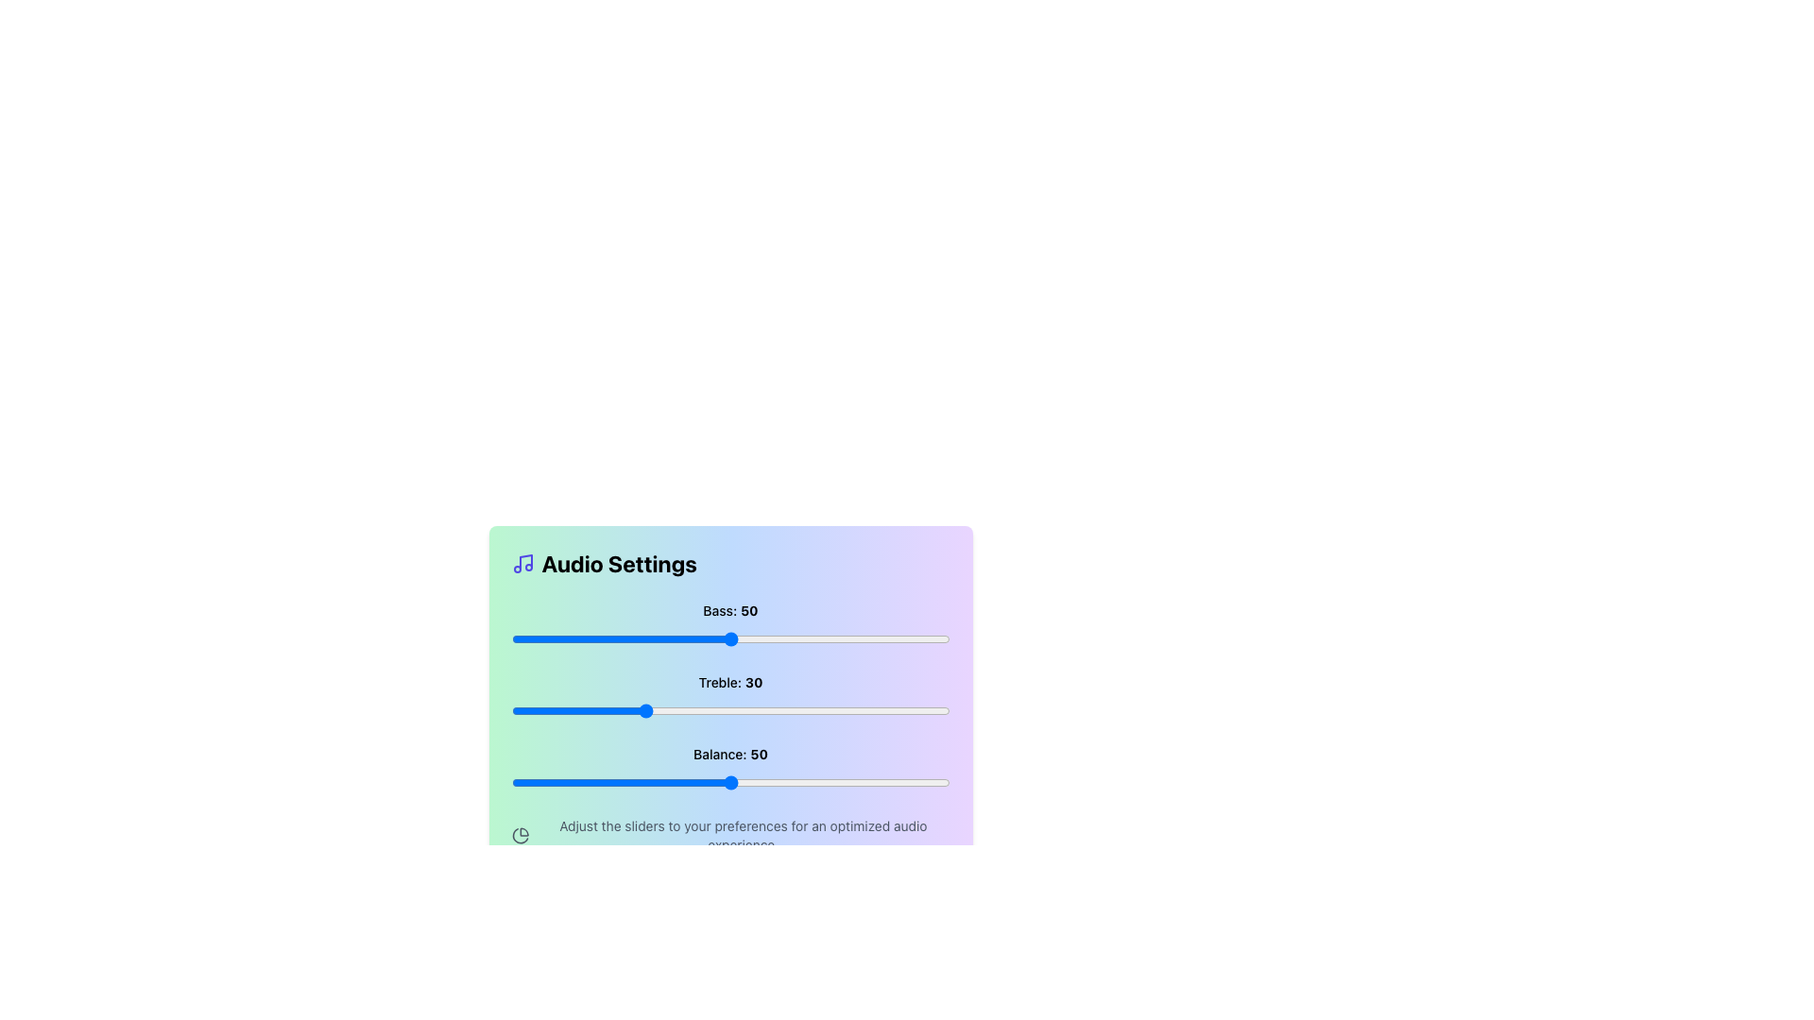 The height and width of the screenshot is (1020, 1814). Describe the element at coordinates (593, 783) in the screenshot. I see `the balance` at that location.